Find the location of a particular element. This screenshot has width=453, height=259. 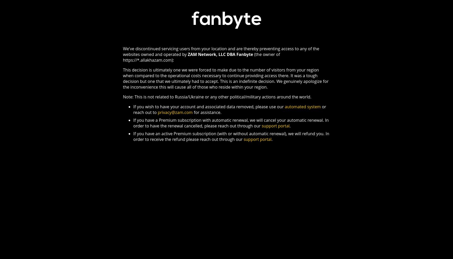

'Note: This is not related to Russia/Ukraine or any other political/military actions around the world.' is located at coordinates (123, 96).